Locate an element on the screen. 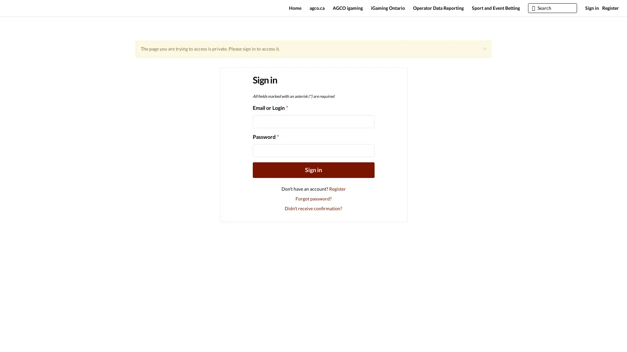 Image resolution: width=627 pixels, height=352 pixels. Register is located at coordinates (337, 191).